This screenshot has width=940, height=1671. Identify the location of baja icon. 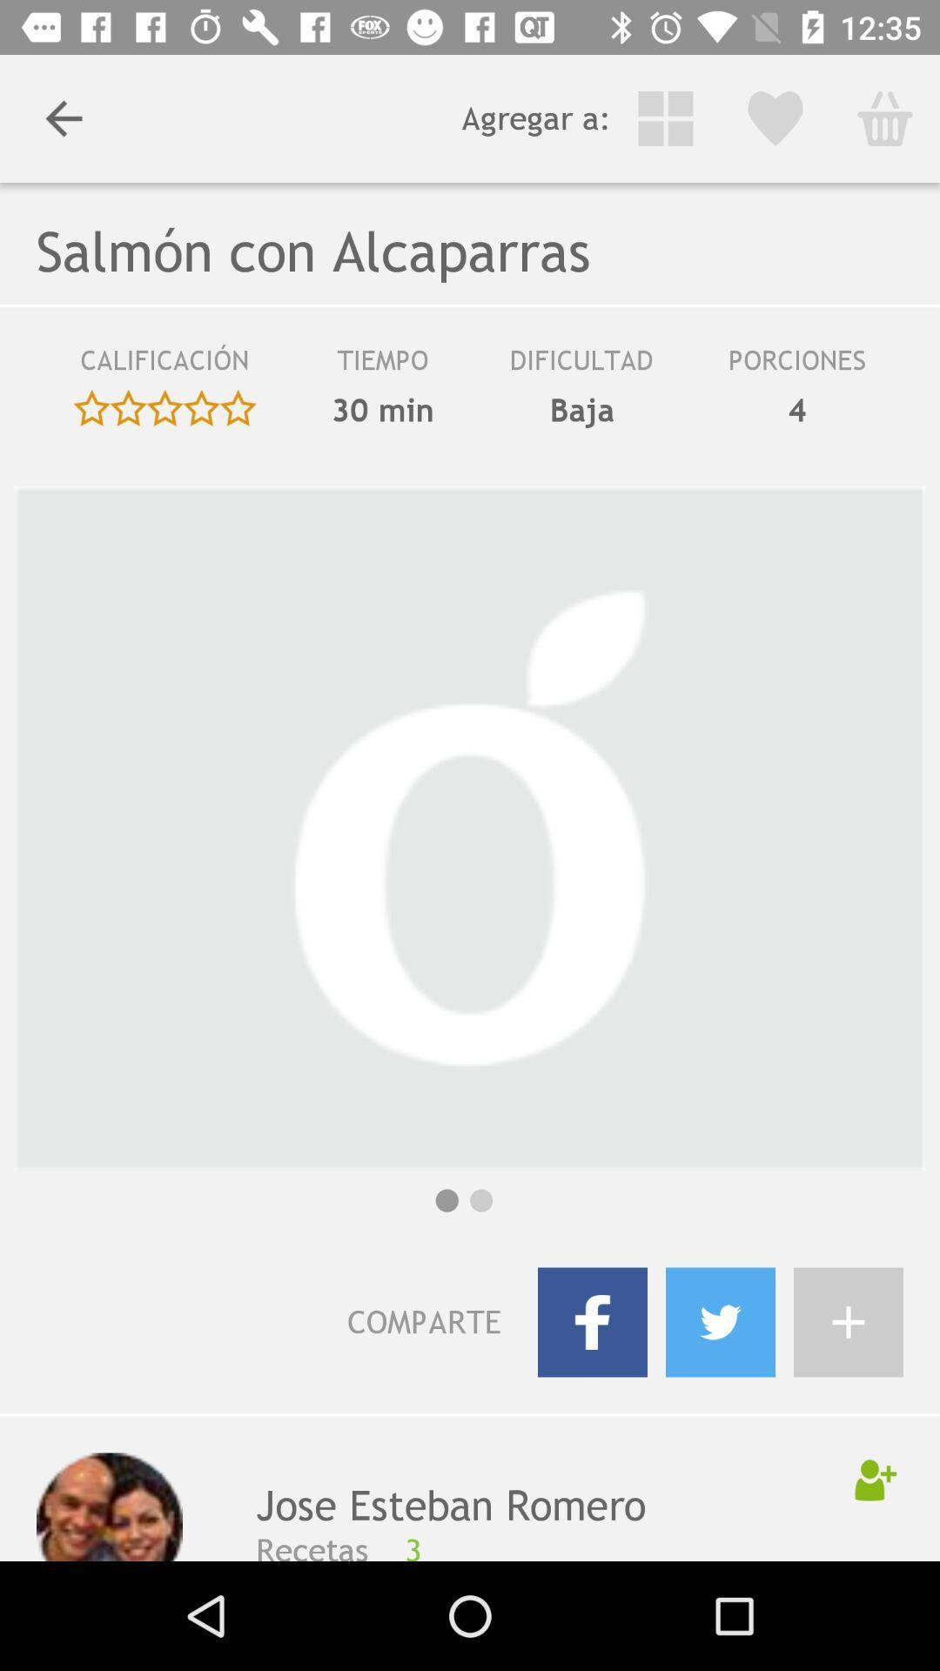
(581, 409).